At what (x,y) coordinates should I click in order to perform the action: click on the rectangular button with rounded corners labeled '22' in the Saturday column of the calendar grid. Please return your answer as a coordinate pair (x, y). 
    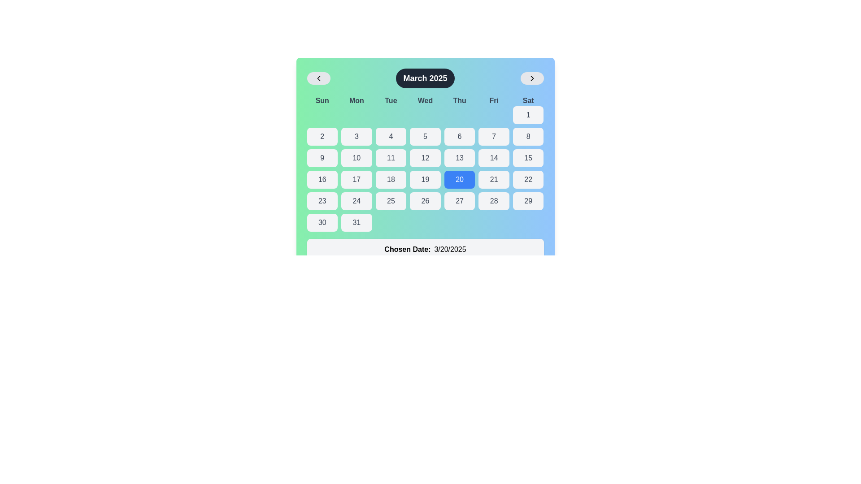
    Looking at the image, I should click on (528, 180).